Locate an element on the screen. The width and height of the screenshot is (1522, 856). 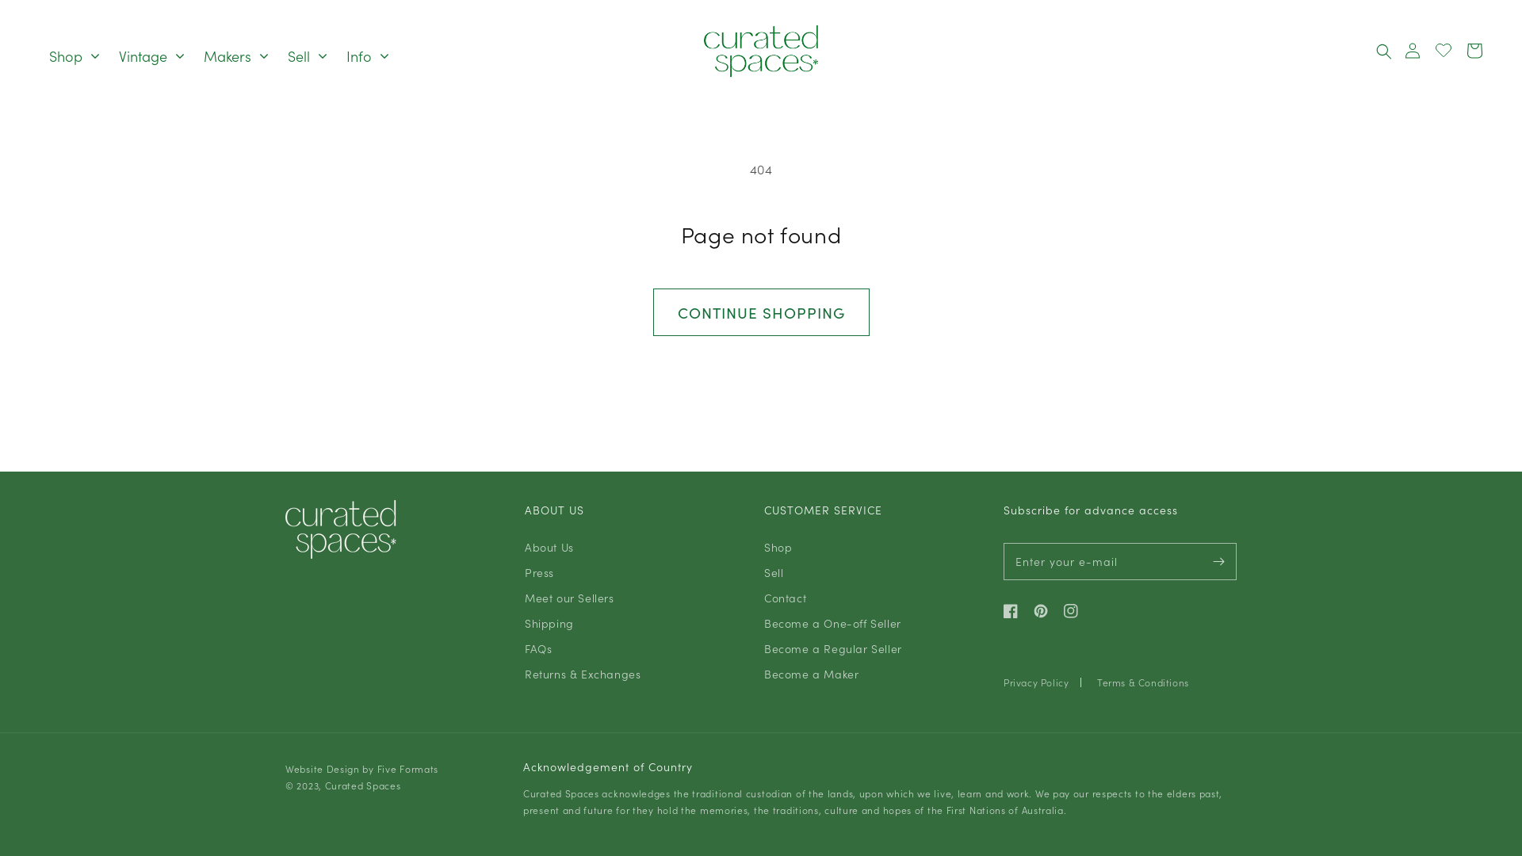
'Facebook' is located at coordinates (1015, 610).